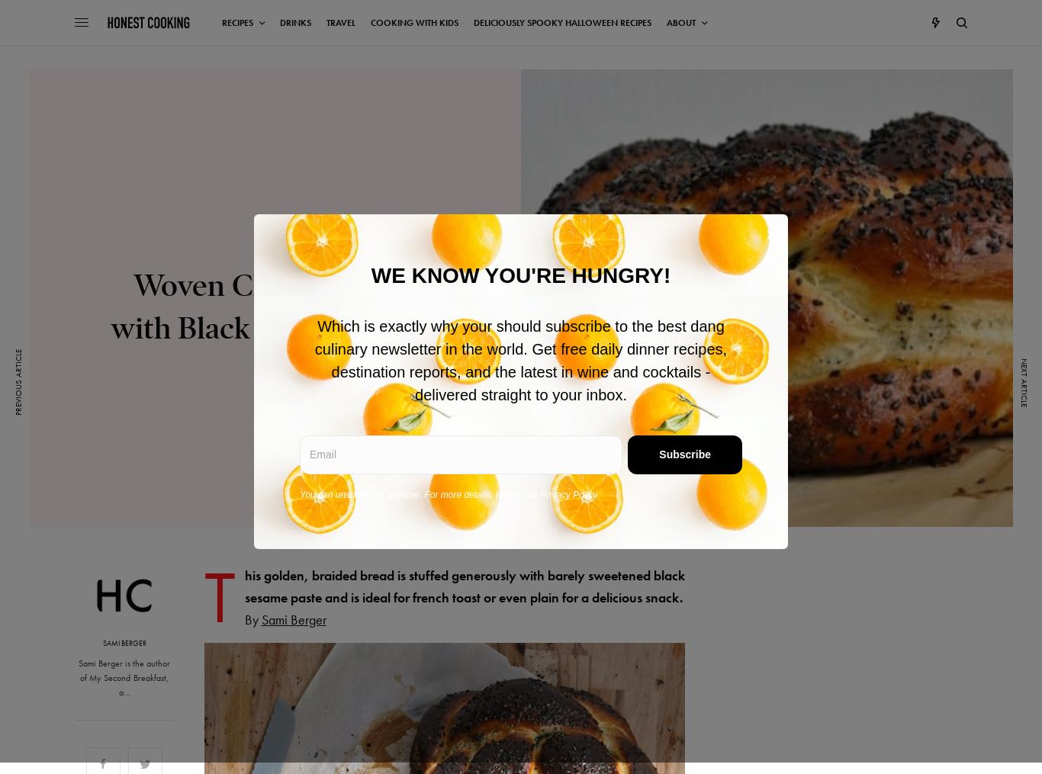 The image size is (1042, 774). I want to click on 'Featured', so click(273, 248).